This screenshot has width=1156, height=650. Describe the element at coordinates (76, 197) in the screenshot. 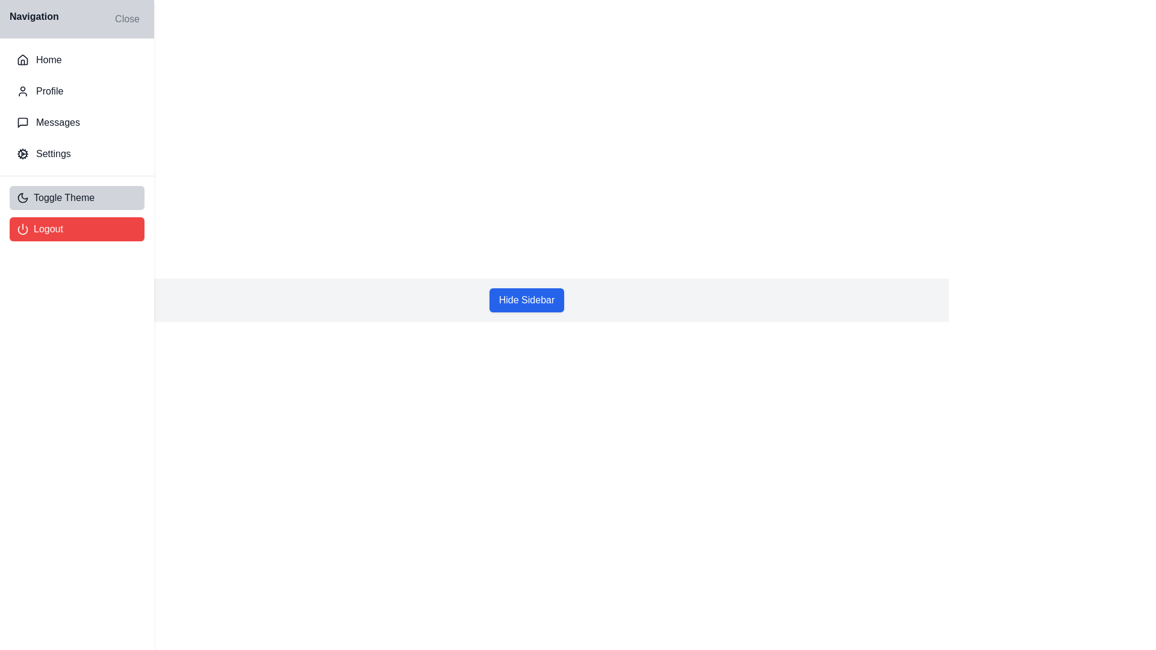

I see `the 'Toggle Theme' button with a light gray background and a crescent moon icon, located in the bottom section of the navigation sidebar` at that location.